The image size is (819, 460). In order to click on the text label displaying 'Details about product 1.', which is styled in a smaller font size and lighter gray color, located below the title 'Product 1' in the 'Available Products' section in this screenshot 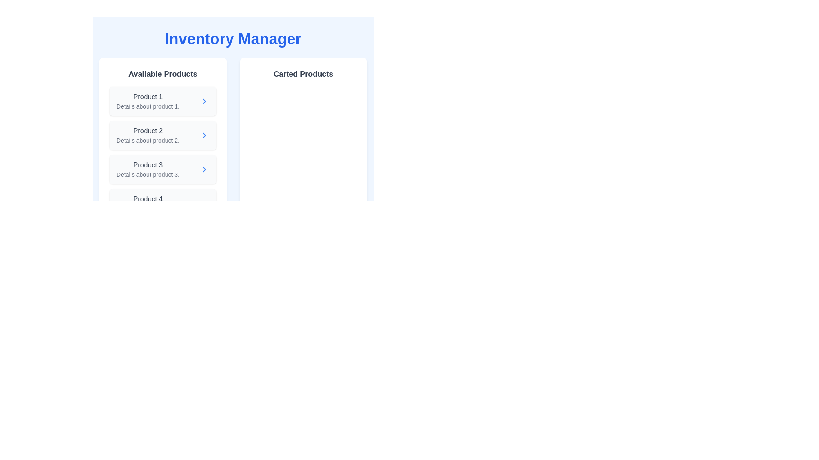, I will do `click(148, 106)`.